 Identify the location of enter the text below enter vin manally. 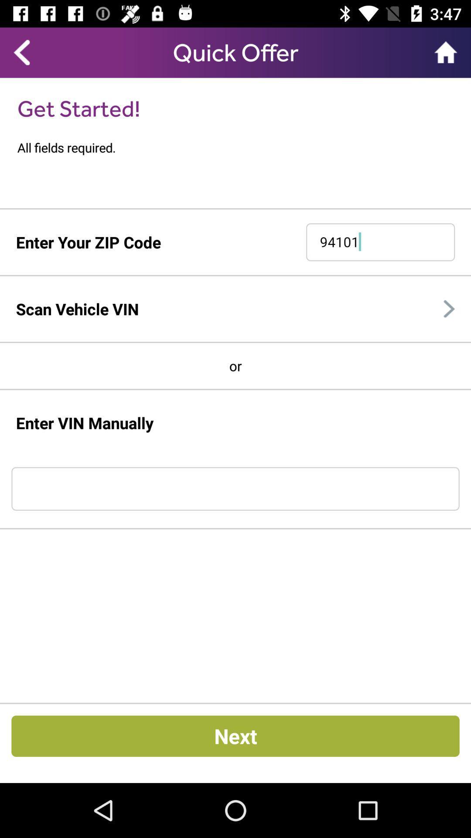
(235, 488).